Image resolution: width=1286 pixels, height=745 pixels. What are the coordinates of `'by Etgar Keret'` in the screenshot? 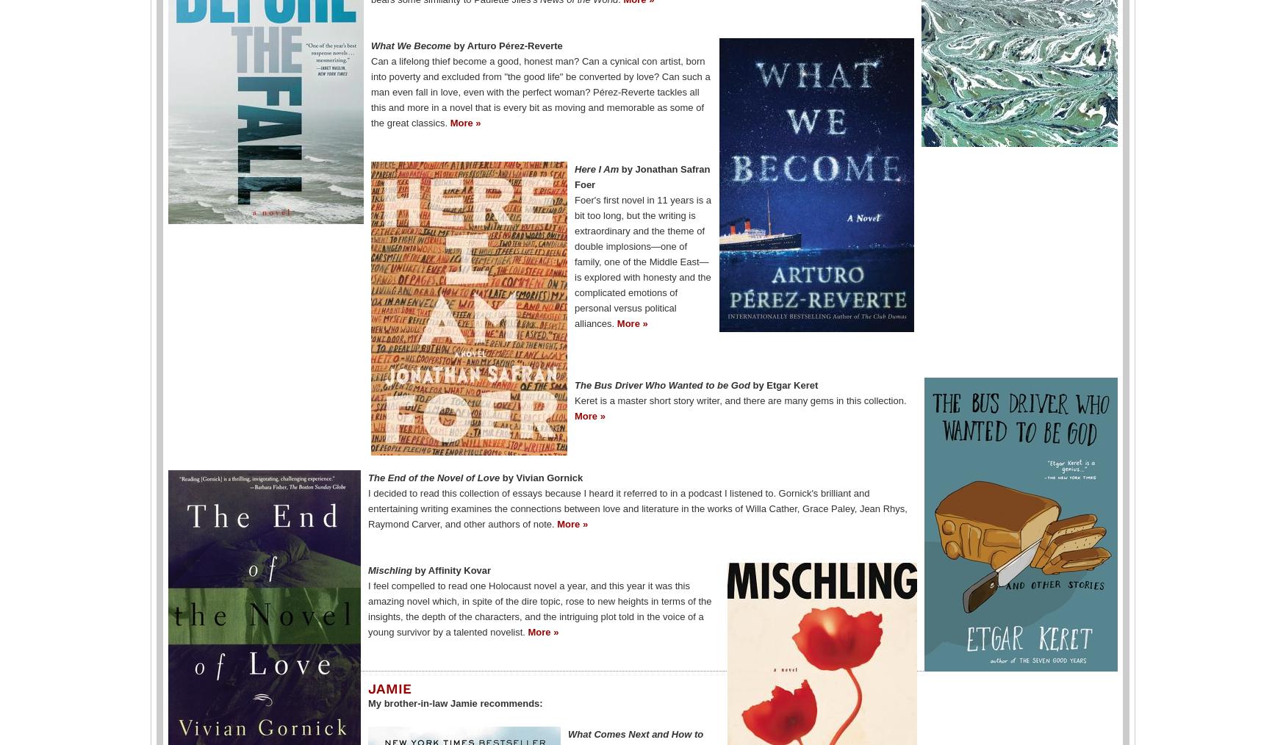 It's located at (785, 384).